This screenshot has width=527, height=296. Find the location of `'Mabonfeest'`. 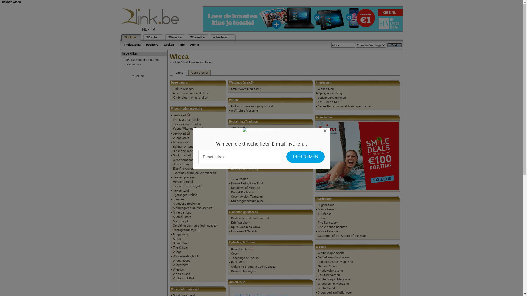

'Mabonfeest' is located at coordinates (326, 209).